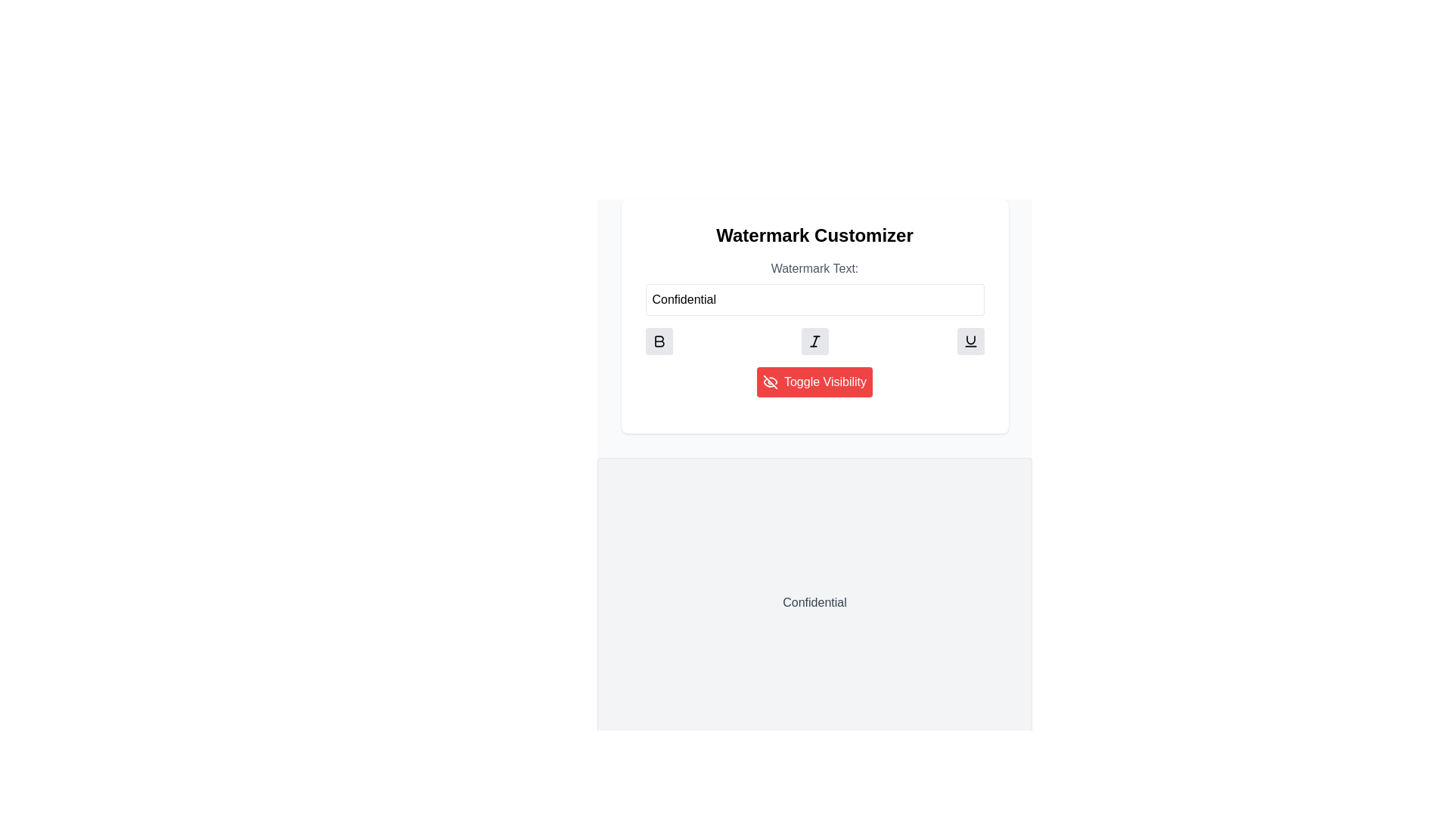  I want to click on the small rectangular button with a light gray background and an underline icon to apply the underline style, located under the 'Watermark Text' input field in the 'Watermark Customizer' section, so click(970, 341).